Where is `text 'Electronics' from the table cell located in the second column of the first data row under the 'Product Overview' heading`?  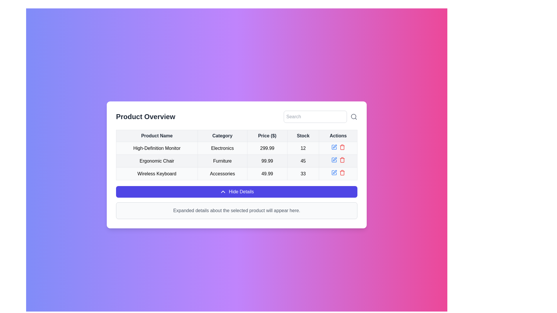 text 'Electronics' from the table cell located in the second column of the first data row under the 'Product Overview' heading is located at coordinates (222, 148).